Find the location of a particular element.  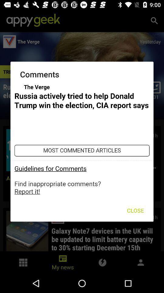

autoplay option is located at coordinates (82, 139).